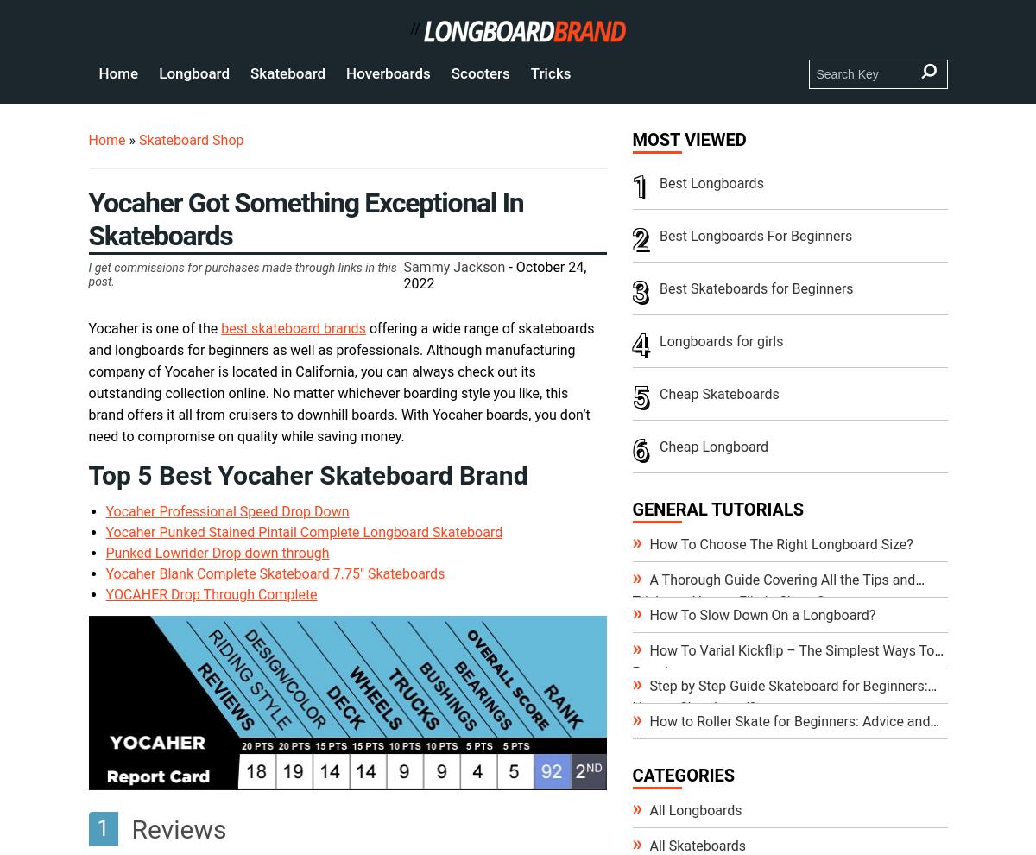 This screenshot has height=855, width=1036. Describe the element at coordinates (303, 531) in the screenshot. I see `'Yocaher Punked Stained Pintail Complete Longboard Skateboard'` at that location.